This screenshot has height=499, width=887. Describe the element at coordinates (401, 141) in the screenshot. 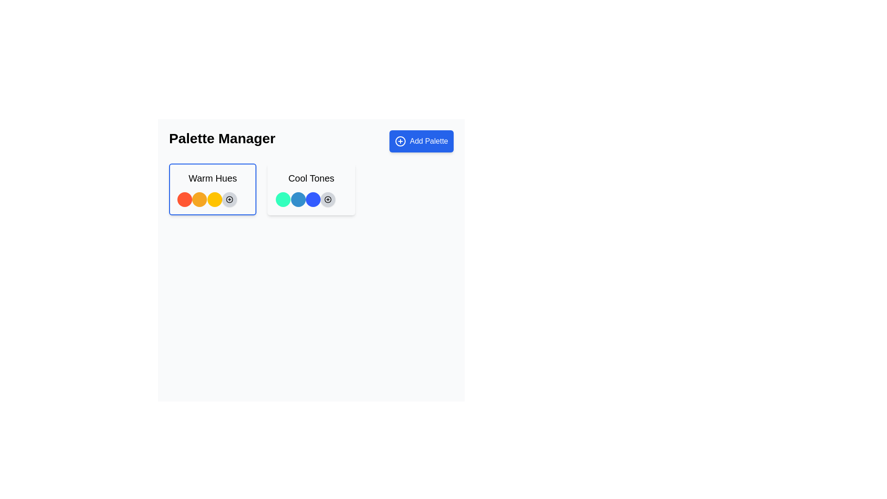

I see `the Add Palette icon located to the left of the Add Palette label within a blue rounded button in the top-right area of the interface` at that location.